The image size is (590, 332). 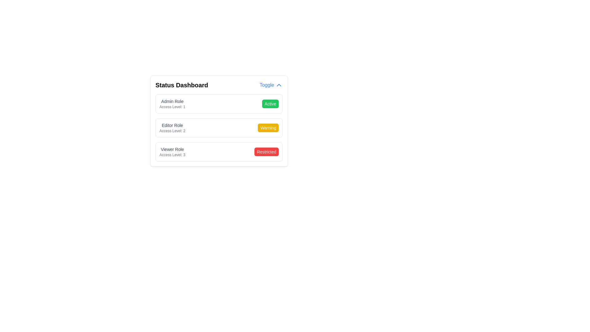 I want to click on the status indicator tag for the 'Admin Role' that indicates an active status, located to the right of the text 'Admin Role' and aligned with 'Access Level: 1', so click(x=270, y=104).